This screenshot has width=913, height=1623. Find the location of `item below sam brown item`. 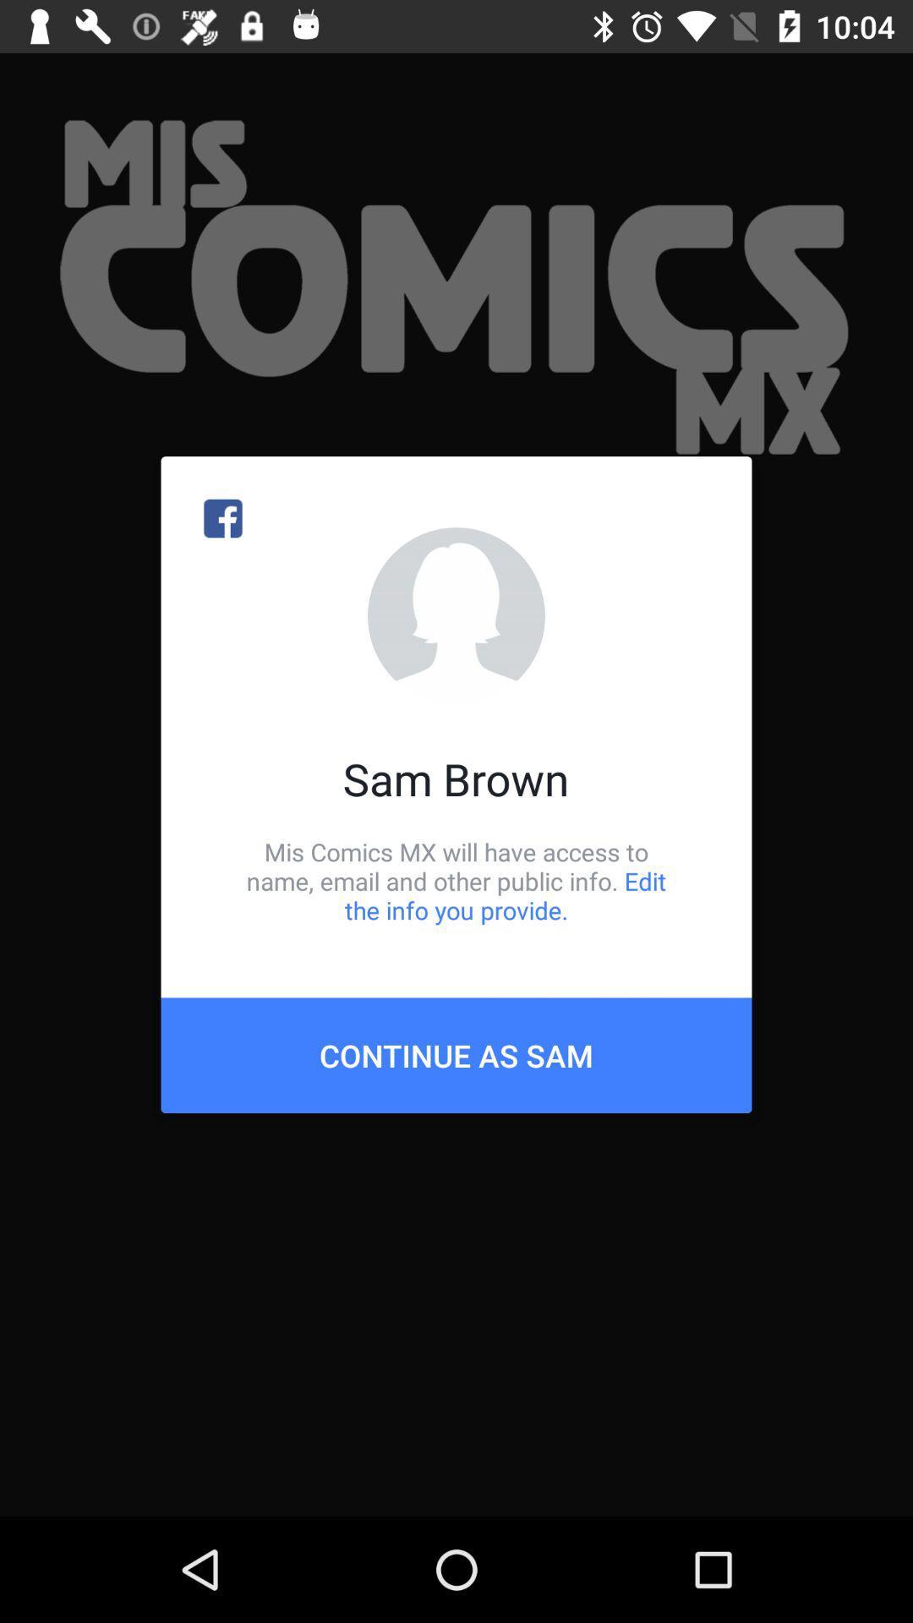

item below sam brown item is located at coordinates (456, 880).